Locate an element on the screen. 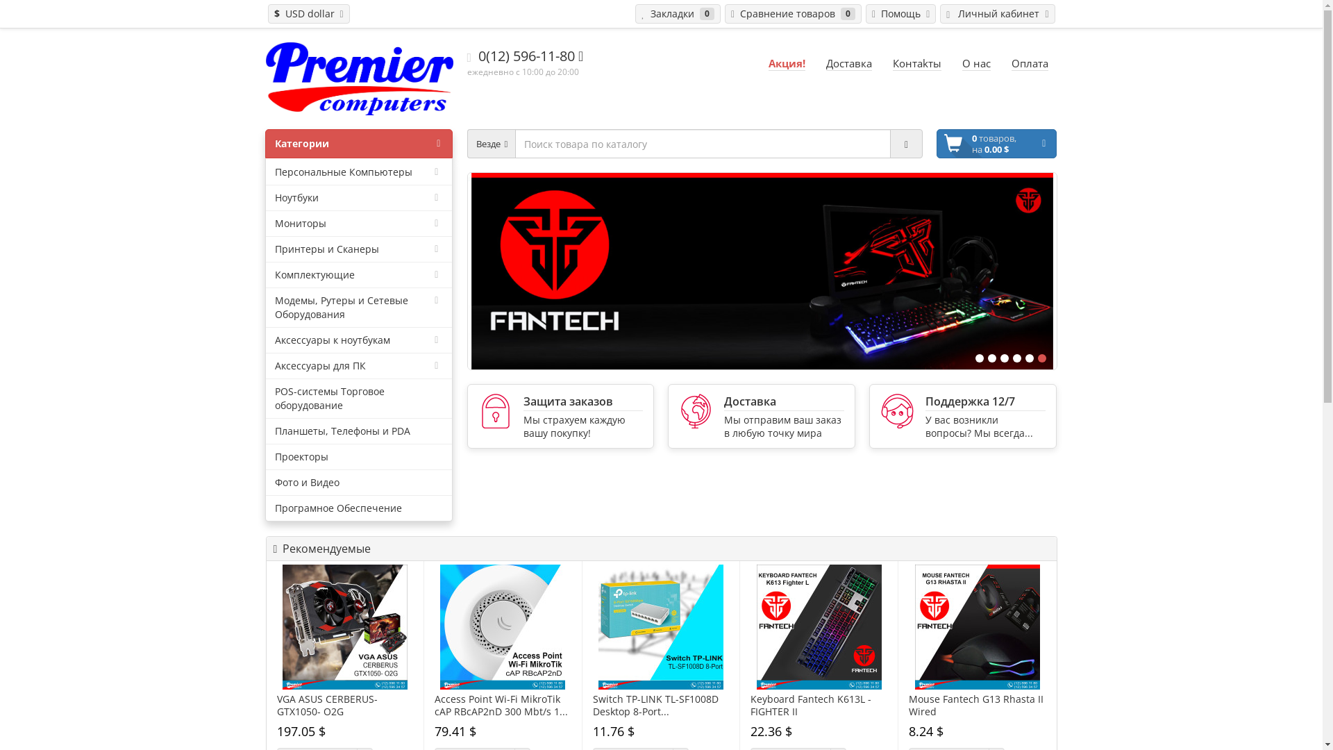 The width and height of the screenshot is (1333, 750). '5' is located at coordinates (1025, 358).